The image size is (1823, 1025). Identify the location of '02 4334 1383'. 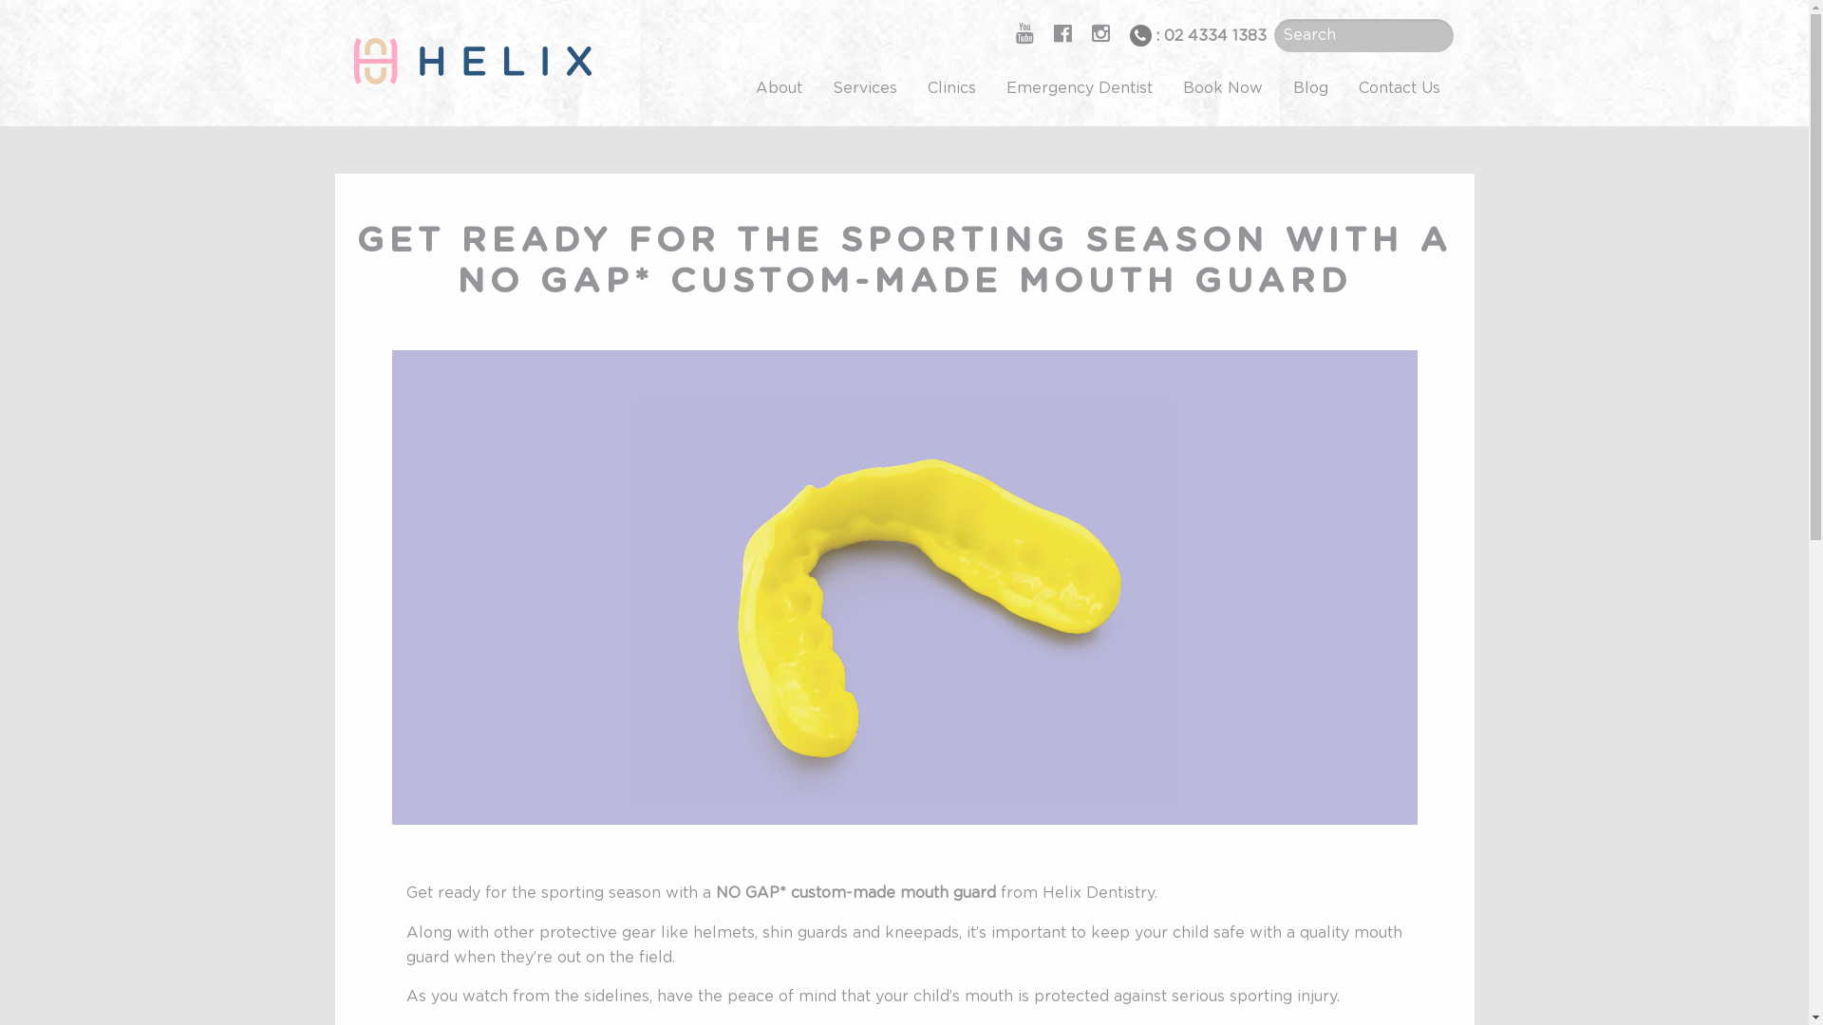
(1215, 36).